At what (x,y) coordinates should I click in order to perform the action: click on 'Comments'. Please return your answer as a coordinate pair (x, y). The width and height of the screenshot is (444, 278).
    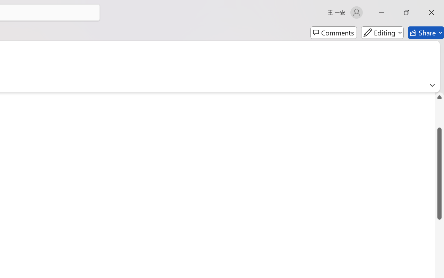
    Looking at the image, I should click on (333, 33).